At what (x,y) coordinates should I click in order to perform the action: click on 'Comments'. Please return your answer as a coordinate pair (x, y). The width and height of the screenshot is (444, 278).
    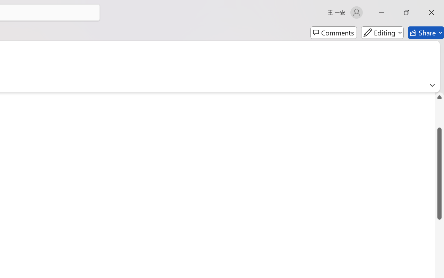
    Looking at the image, I should click on (333, 33).